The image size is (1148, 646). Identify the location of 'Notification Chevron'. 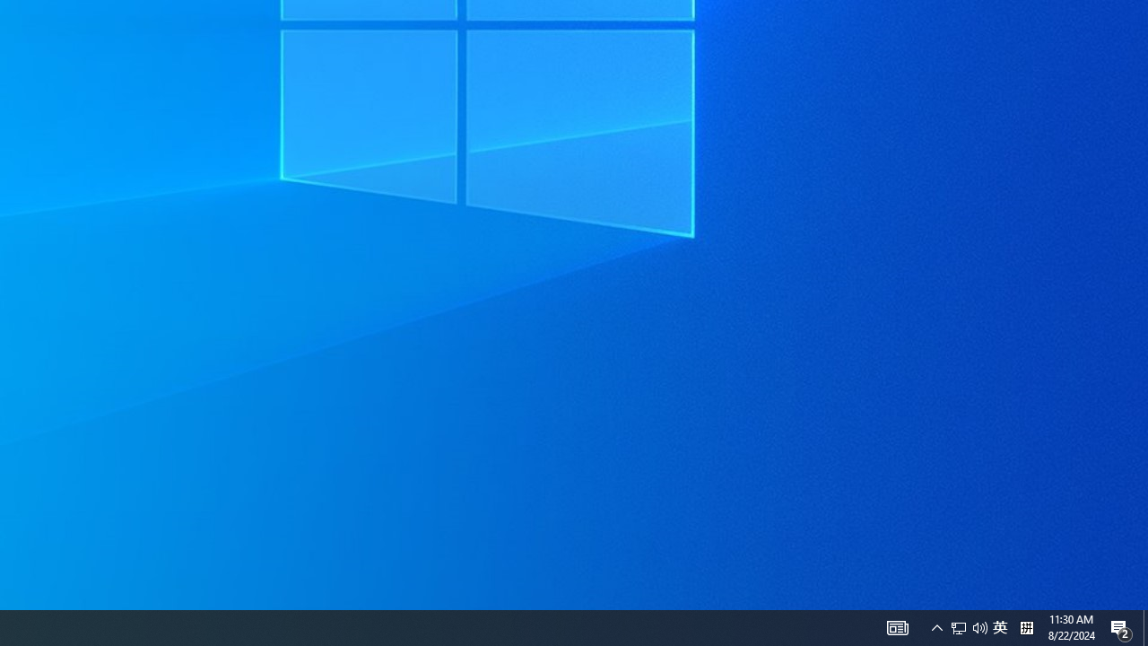
(979, 626).